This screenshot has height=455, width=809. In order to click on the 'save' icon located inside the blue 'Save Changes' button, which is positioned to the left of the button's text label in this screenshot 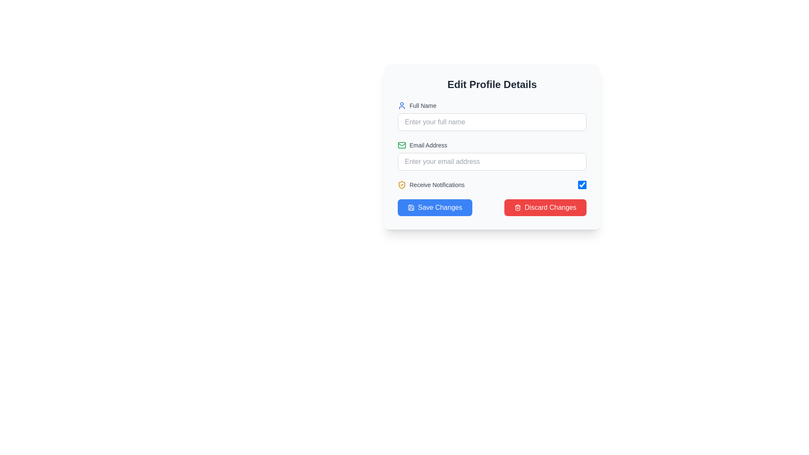, I will do `click(411, 208)`.